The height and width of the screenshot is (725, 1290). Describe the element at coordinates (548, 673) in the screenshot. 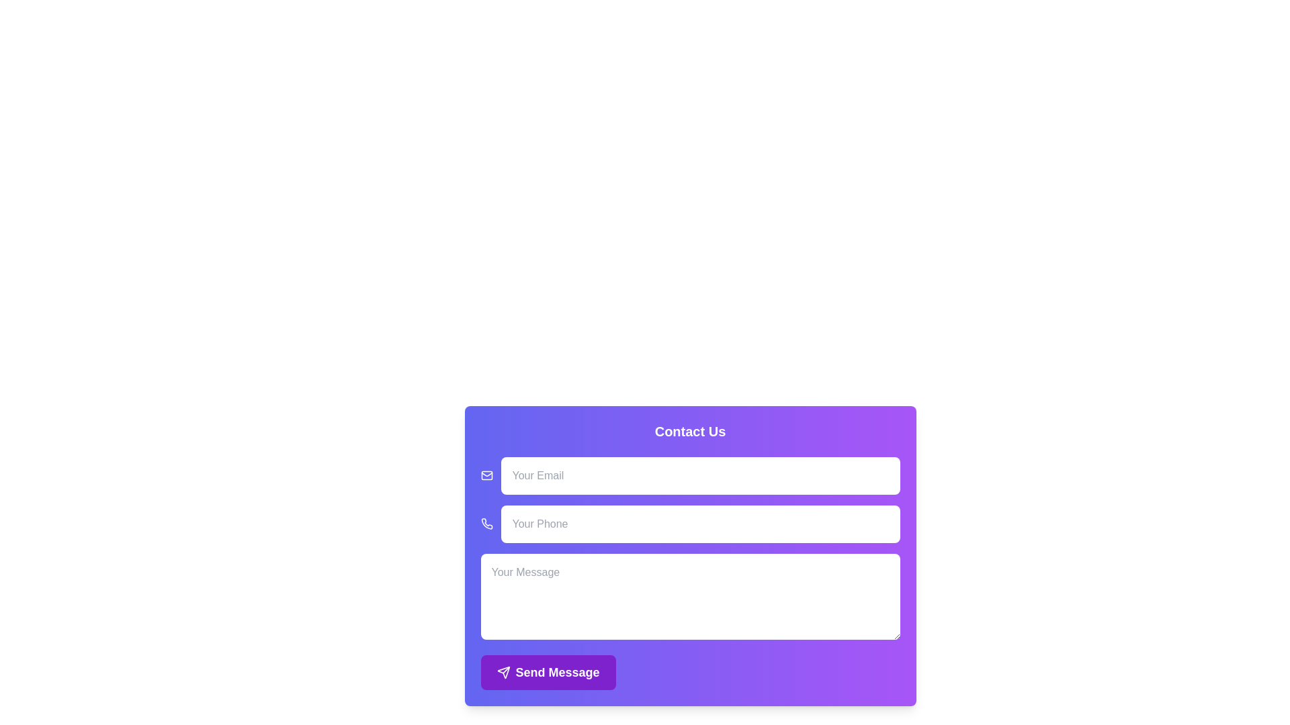

I see `the 'Send Message' button with a purple background and white text, located at the bottom-left corner of the 'Contact Us' section to trigger an animation or tooltip` at that location.